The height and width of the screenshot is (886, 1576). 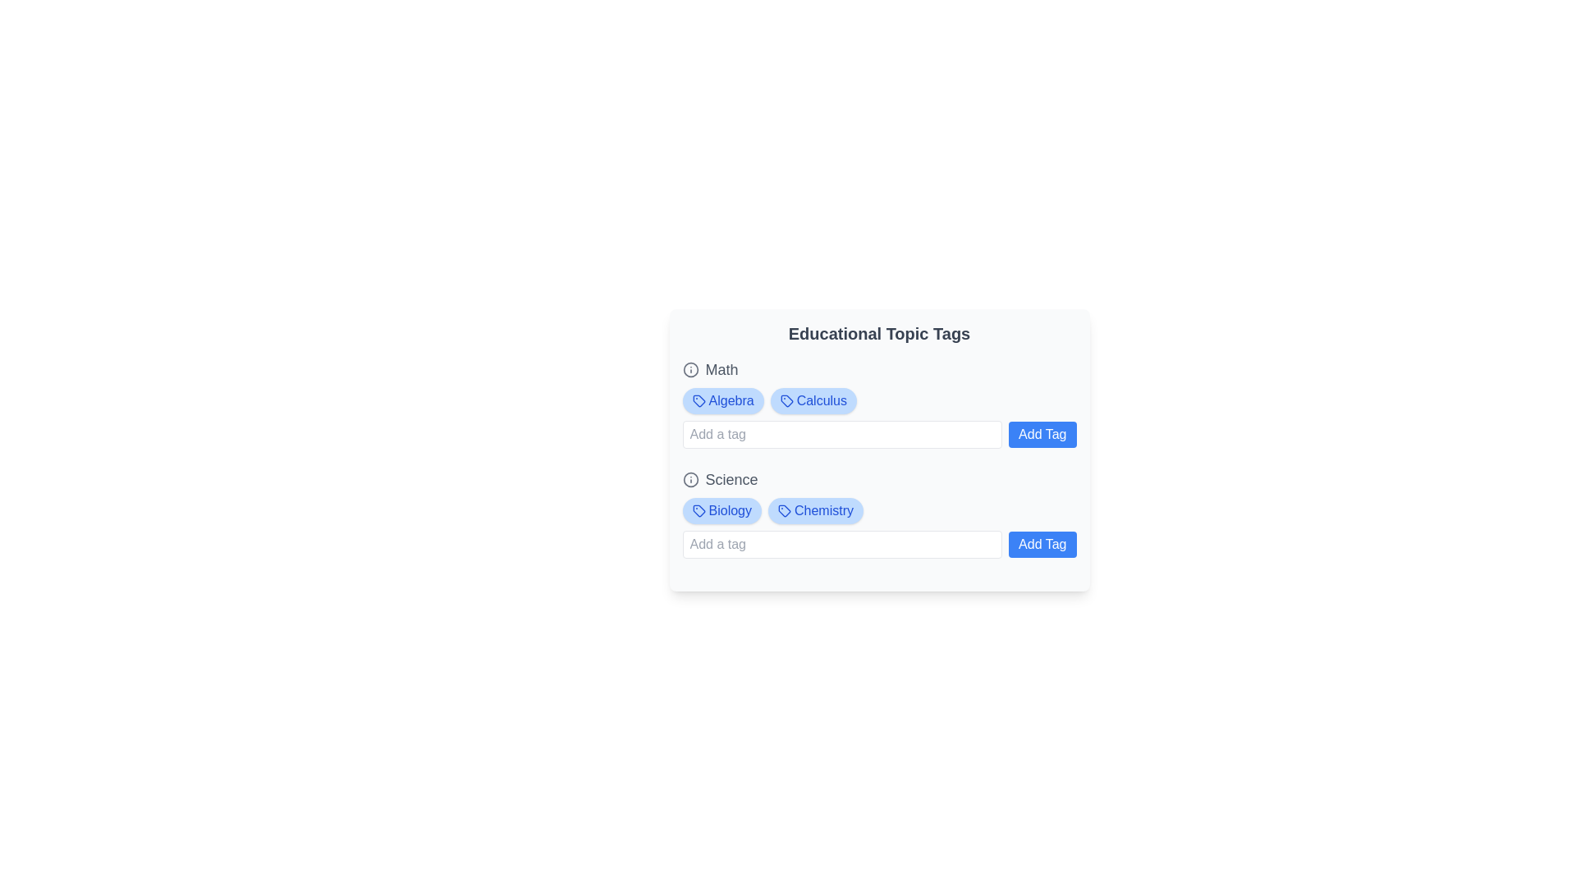 What do you see at coordinates (1042, 433) in the screenshot?
I see `the 'Add Tag' button with a blue background and white text, located in the 'Math' category section` at bounding box center [1042, 433].